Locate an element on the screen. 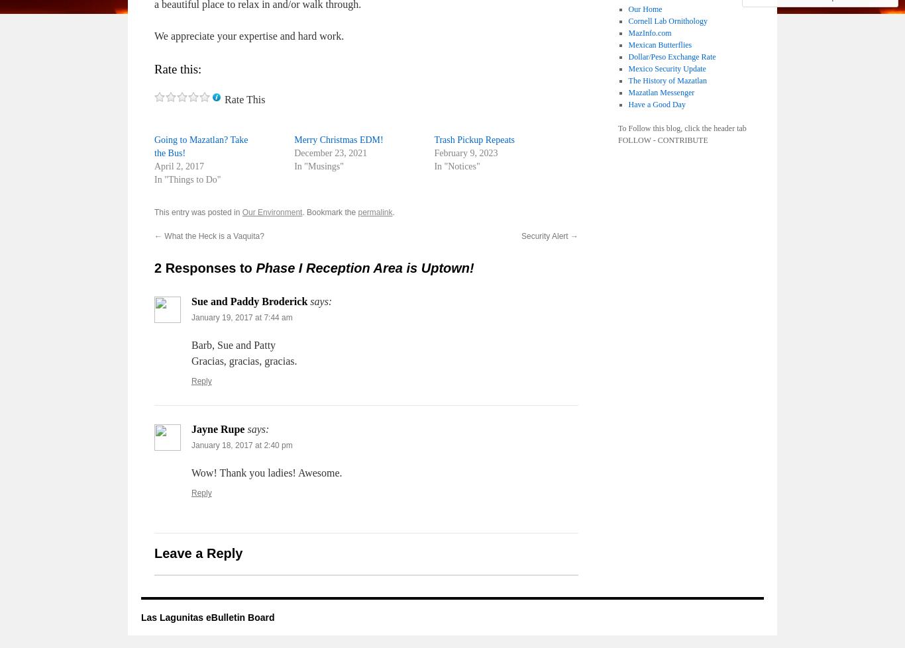 Image resolution: width=905 pixels, height=648 pixels. 'What the Heck is a Vaquita?' is located at coordinates (213, 236).